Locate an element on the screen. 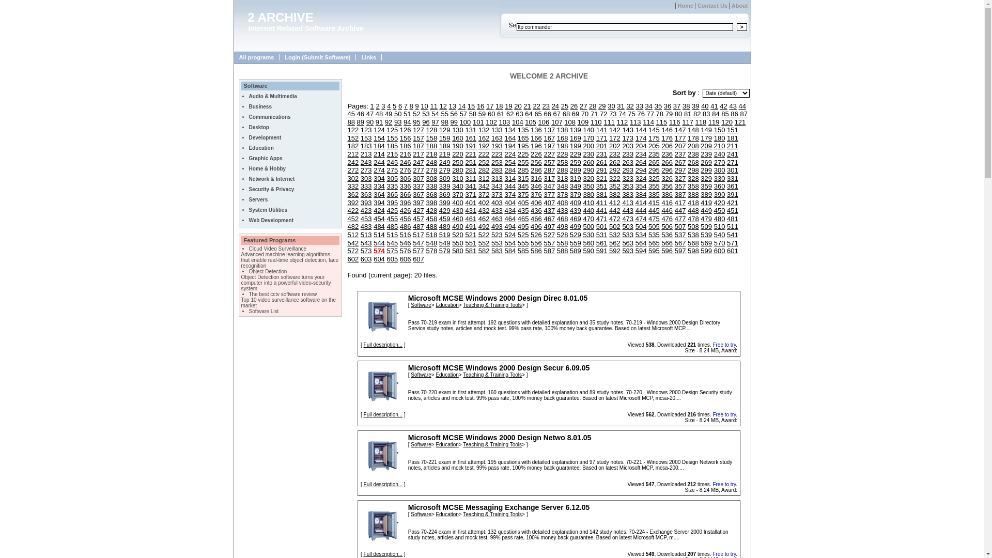 The image size is (992, 558). '232' is located at coordinates (615, 154).